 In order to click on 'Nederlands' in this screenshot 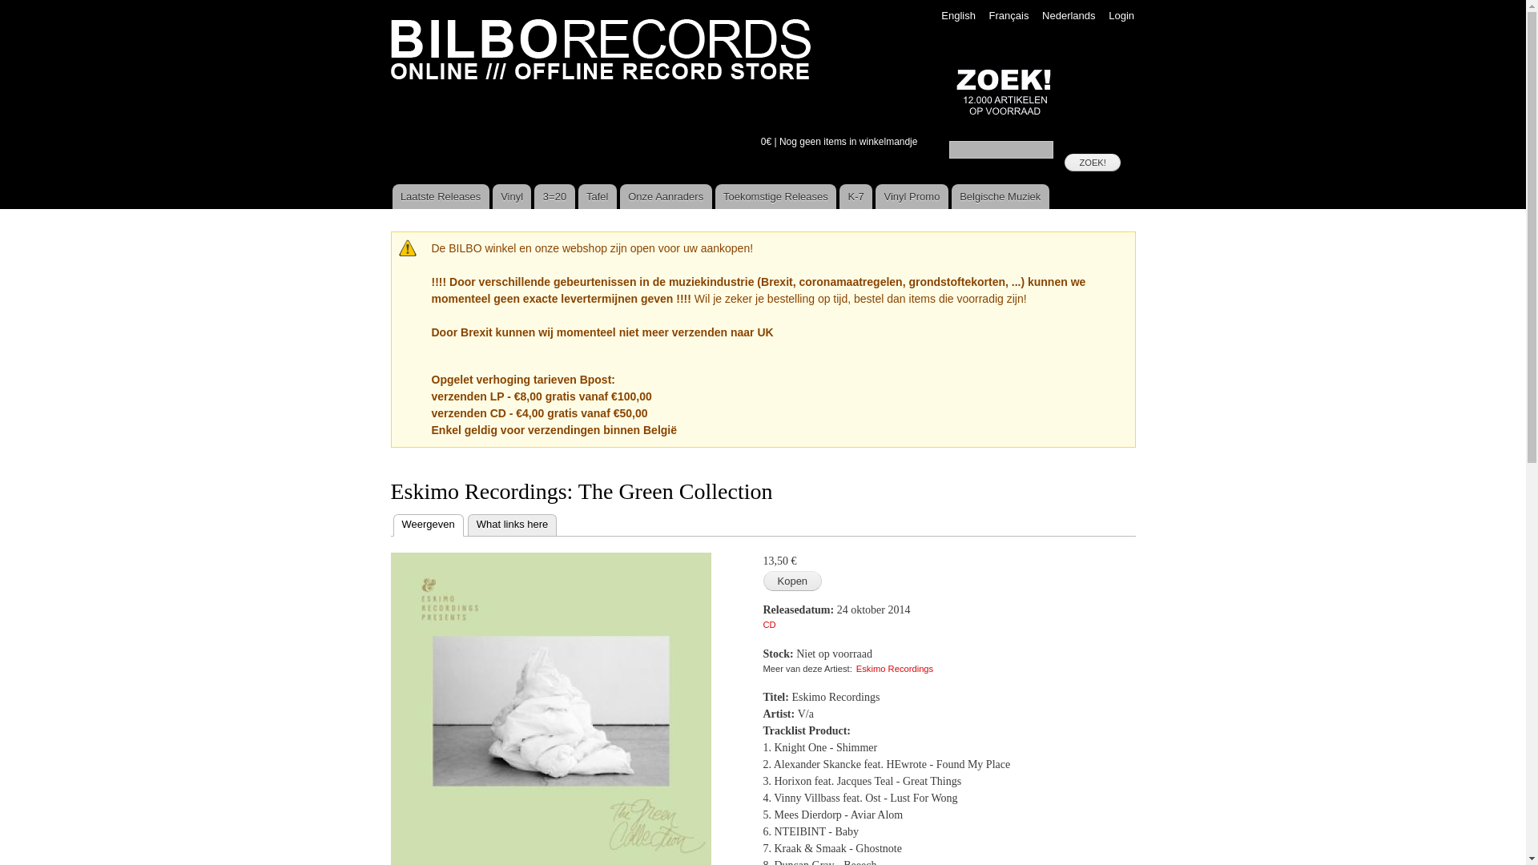, I will do `click(1069, 15)`.